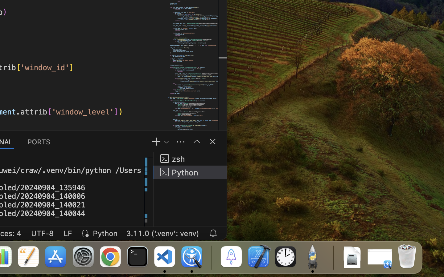  What do you see at coordinates (196, 141) in the screenshot?
I see `''` at bounding box center [196, 141].